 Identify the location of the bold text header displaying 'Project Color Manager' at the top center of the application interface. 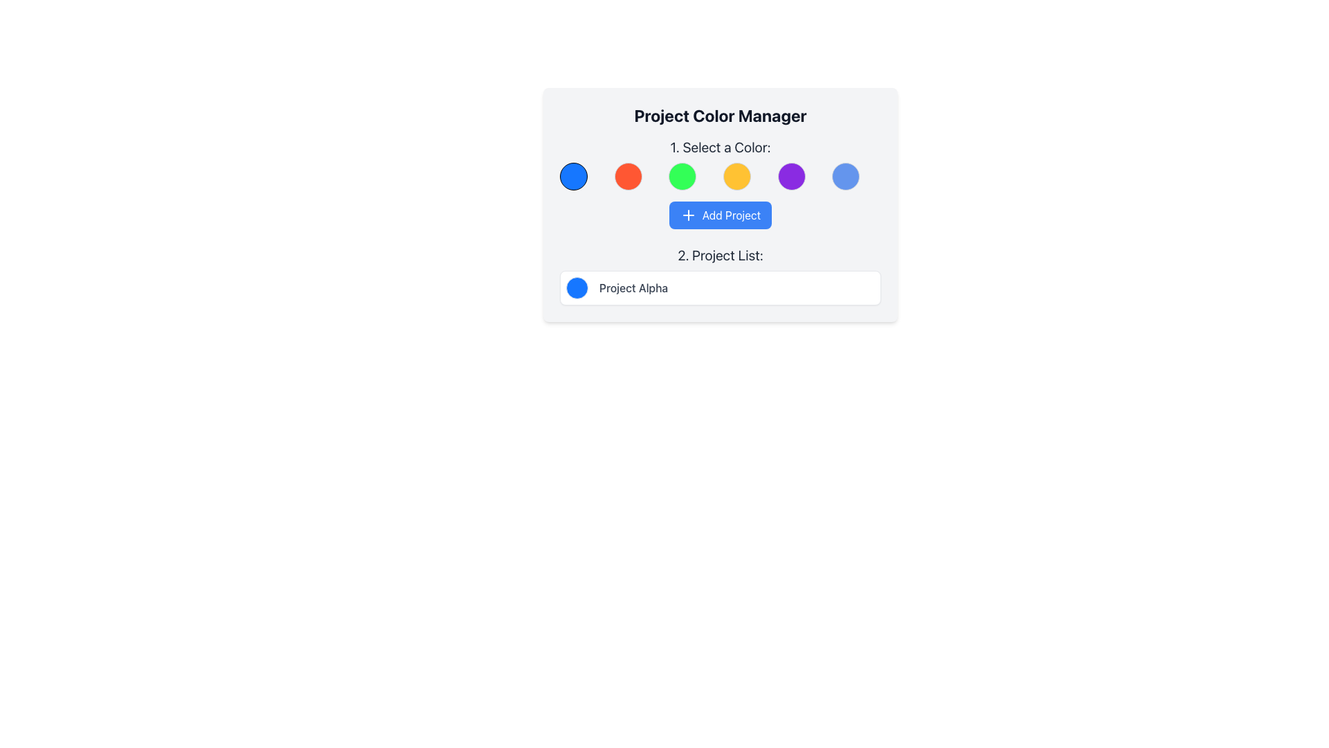
(720, 114).